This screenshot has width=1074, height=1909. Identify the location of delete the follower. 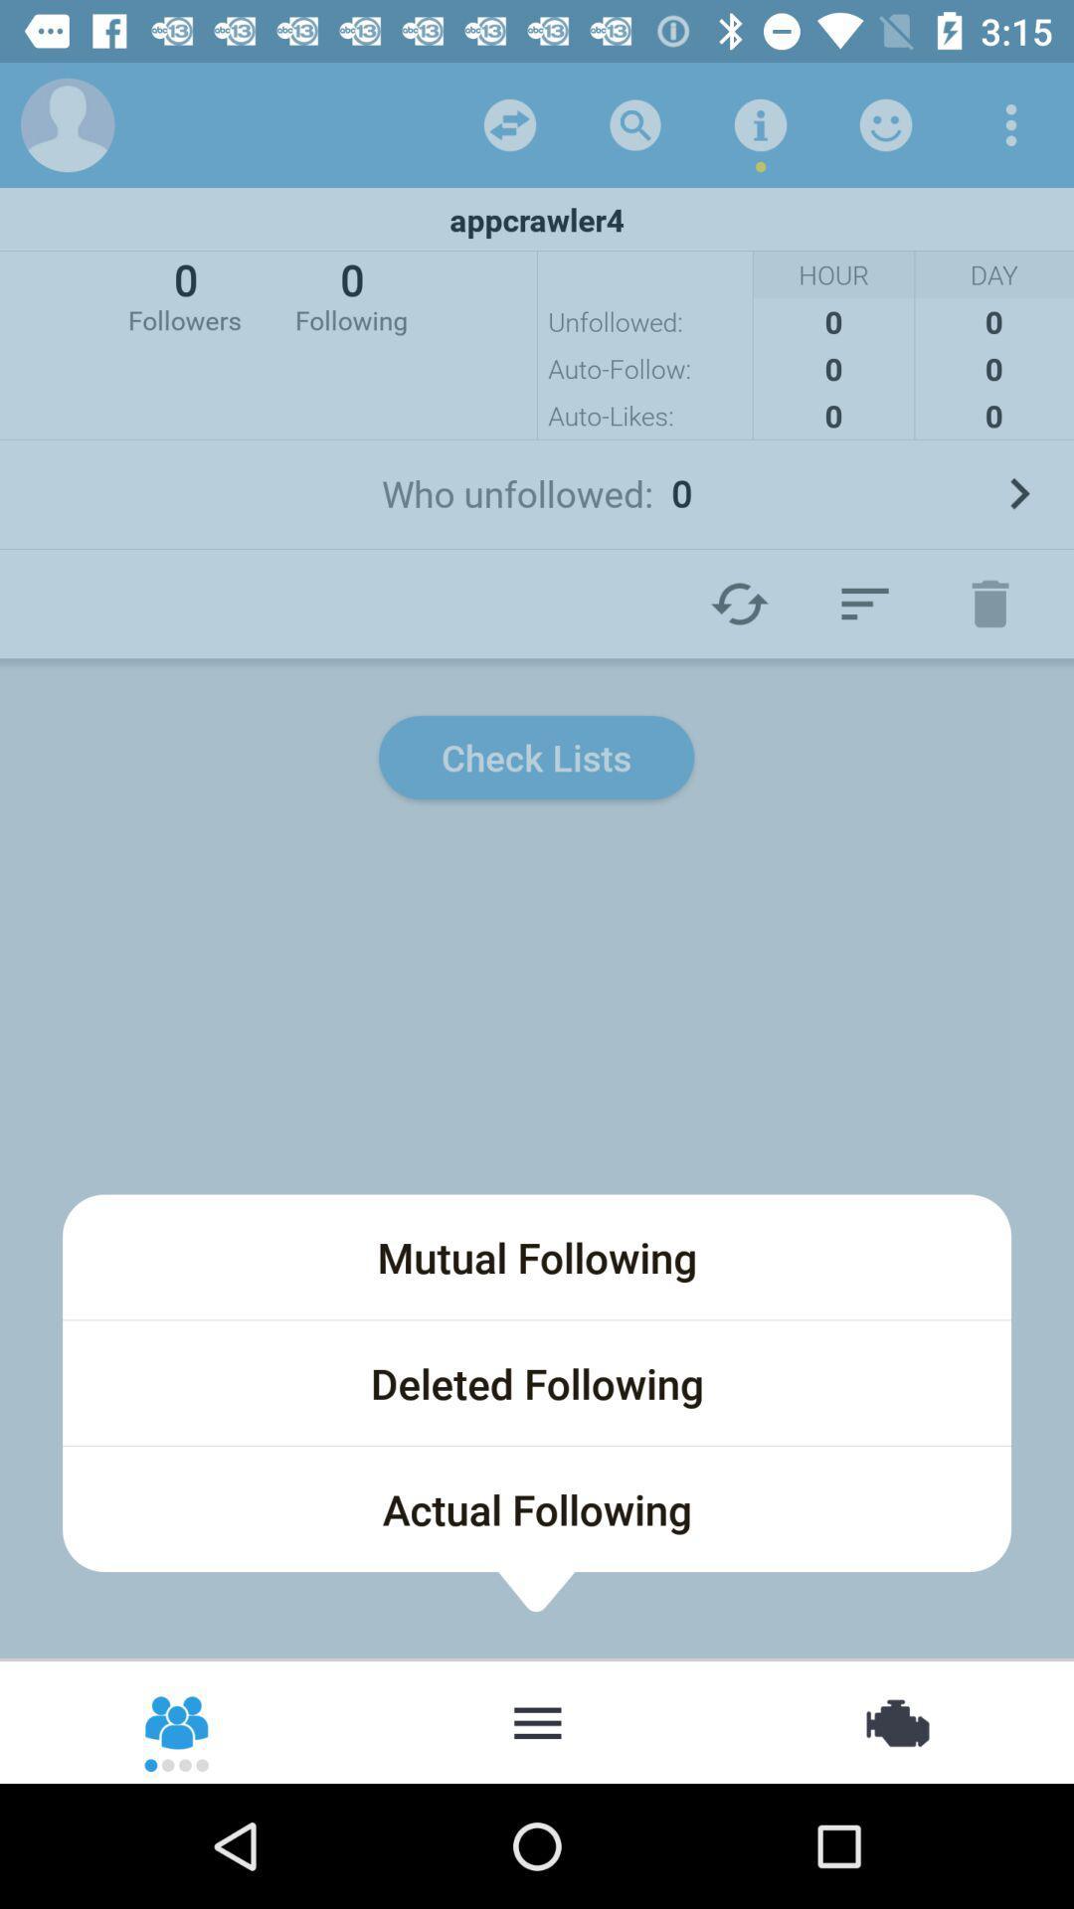
(989, 603).